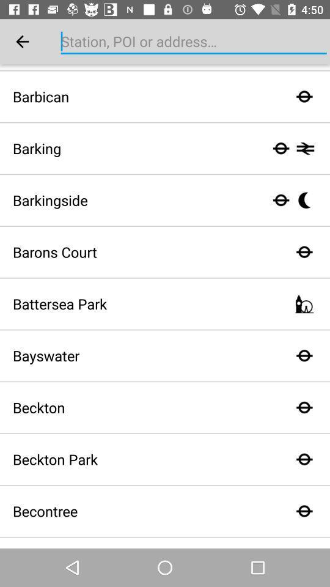 This screenshot has width=330, height=587. I want to click on the icon above barbican item, so click(22, 42).